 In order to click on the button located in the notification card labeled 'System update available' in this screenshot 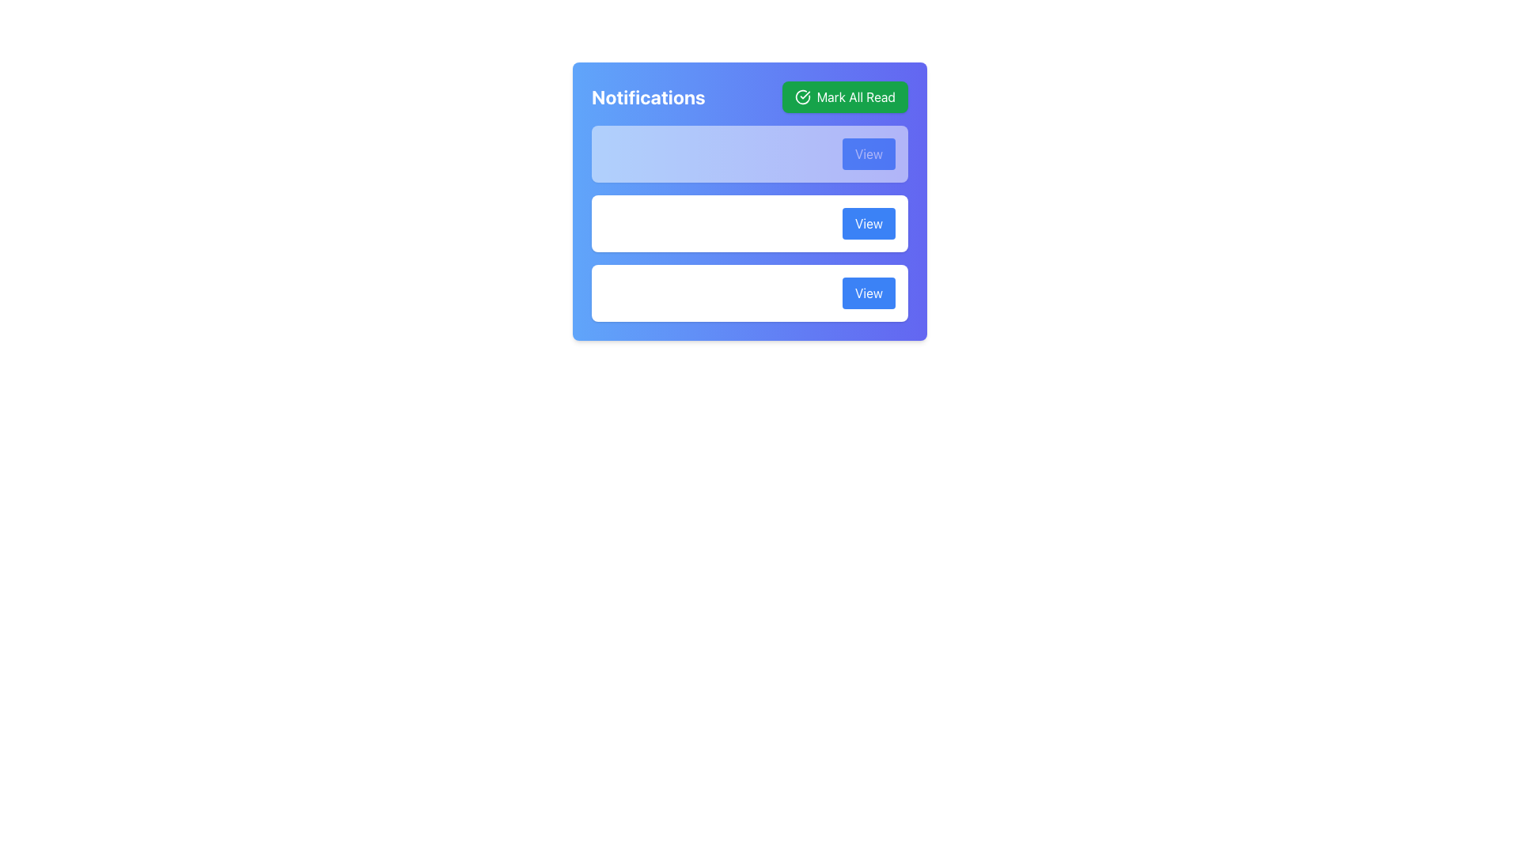, I will do `click(868, 223)`.